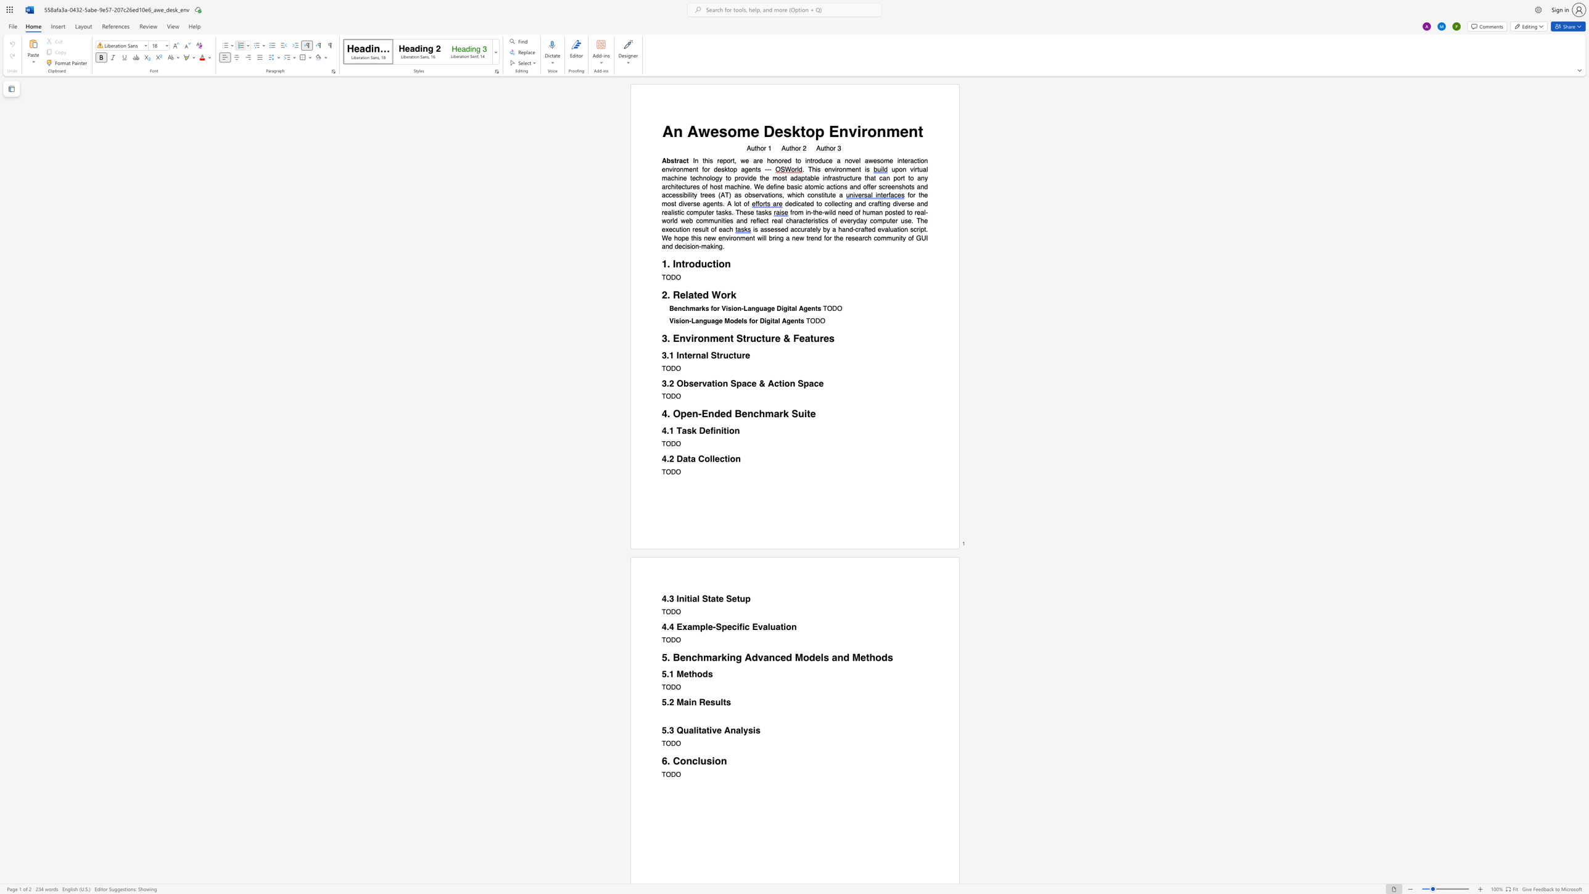 This screenshot has width=1589, height=894. What do you see at coordinates (693, 383) in the screenshot?
I see `the space between the continuous character "s" and "e" in the text` at bounding box center [693, 383].